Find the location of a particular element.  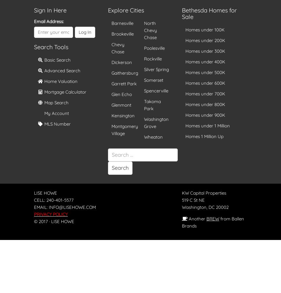

'Basic Search' is located at coordinates (56, 60).